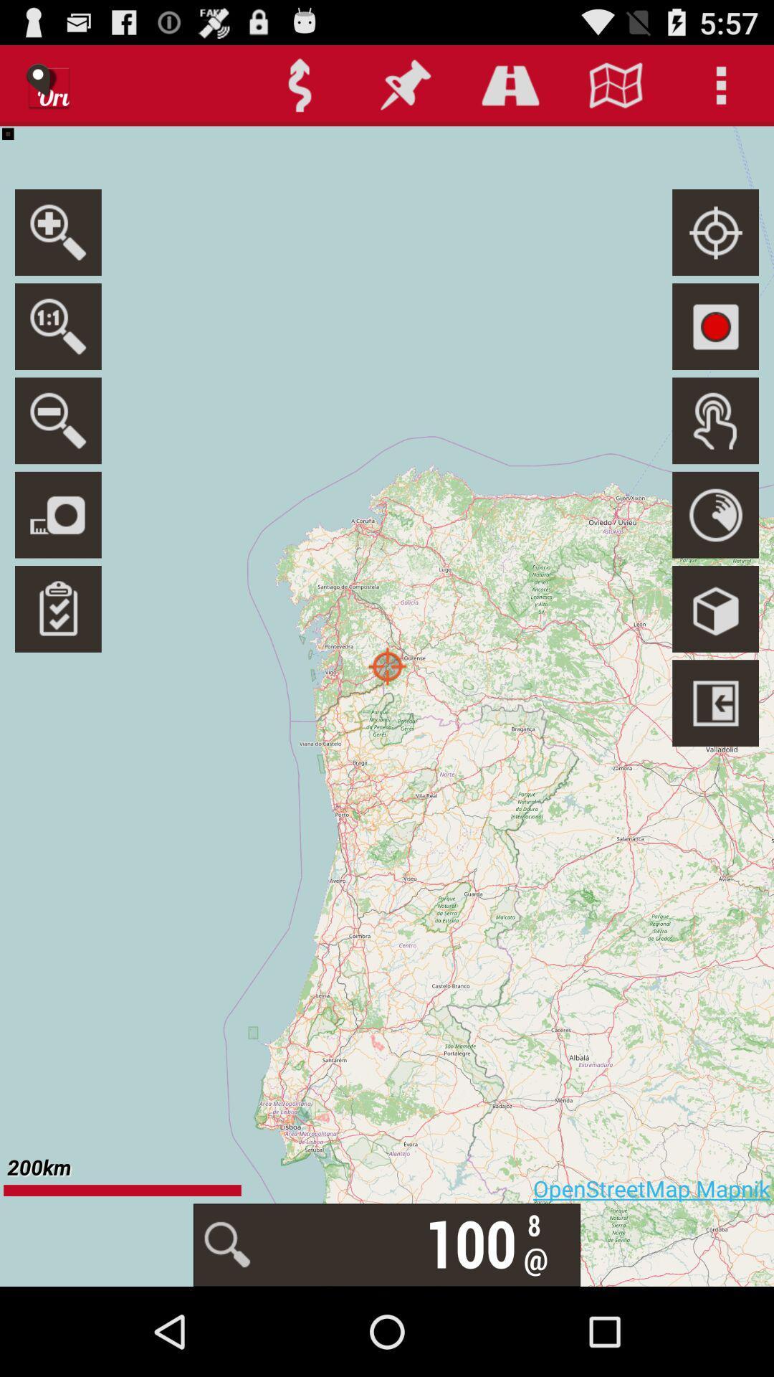 The width and height of the screenshot is (774, 1377). I want to click on the location_crosshair icon, so click(715, 249).